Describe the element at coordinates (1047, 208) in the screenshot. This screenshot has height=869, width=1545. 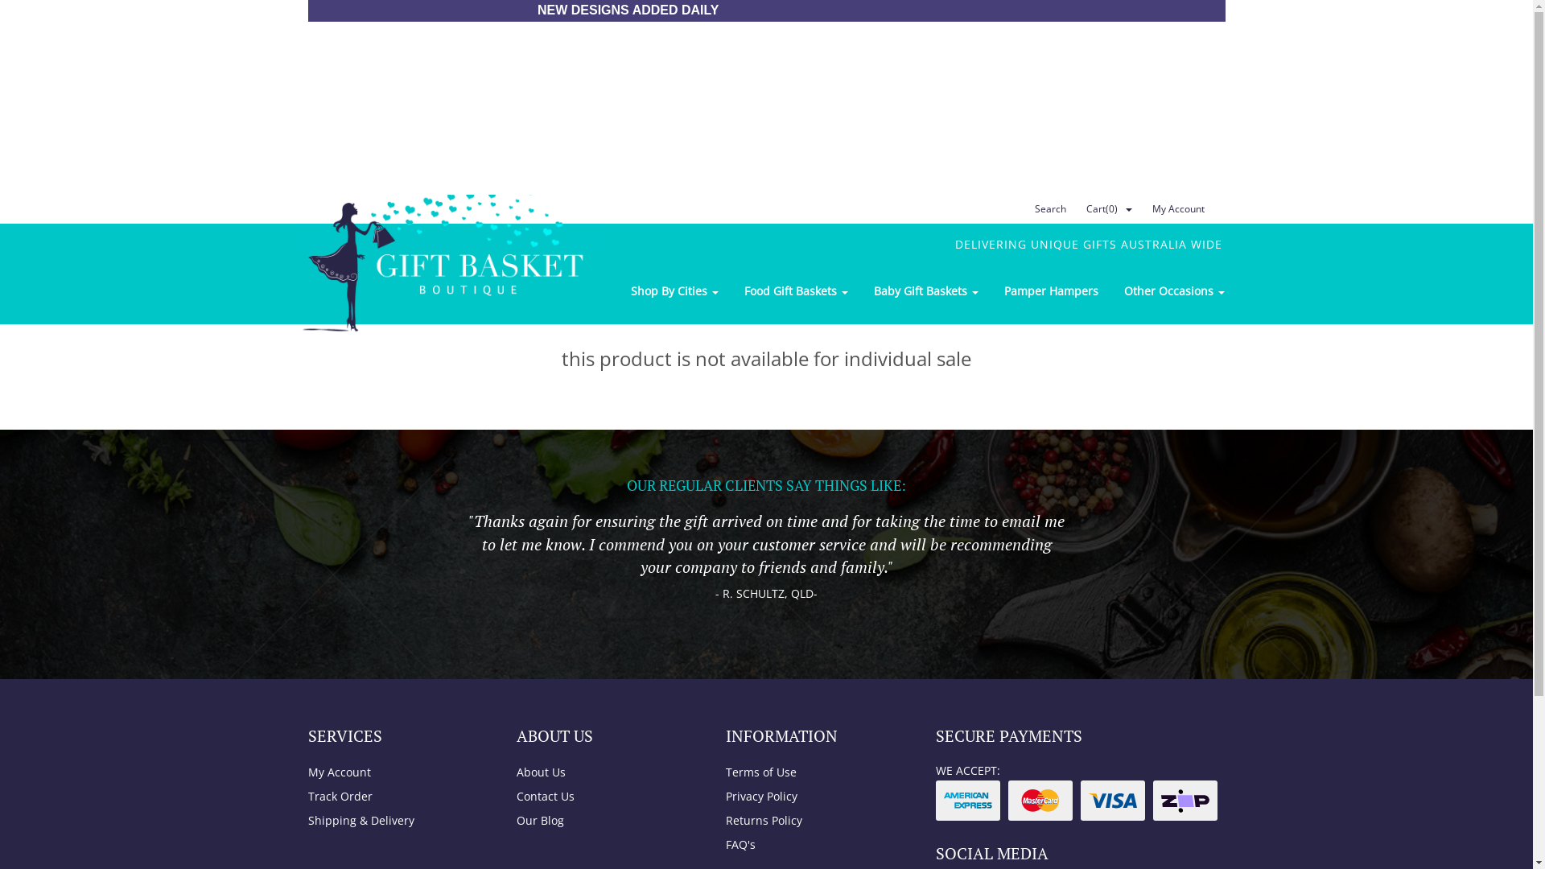
I see `'Search'` at that location.